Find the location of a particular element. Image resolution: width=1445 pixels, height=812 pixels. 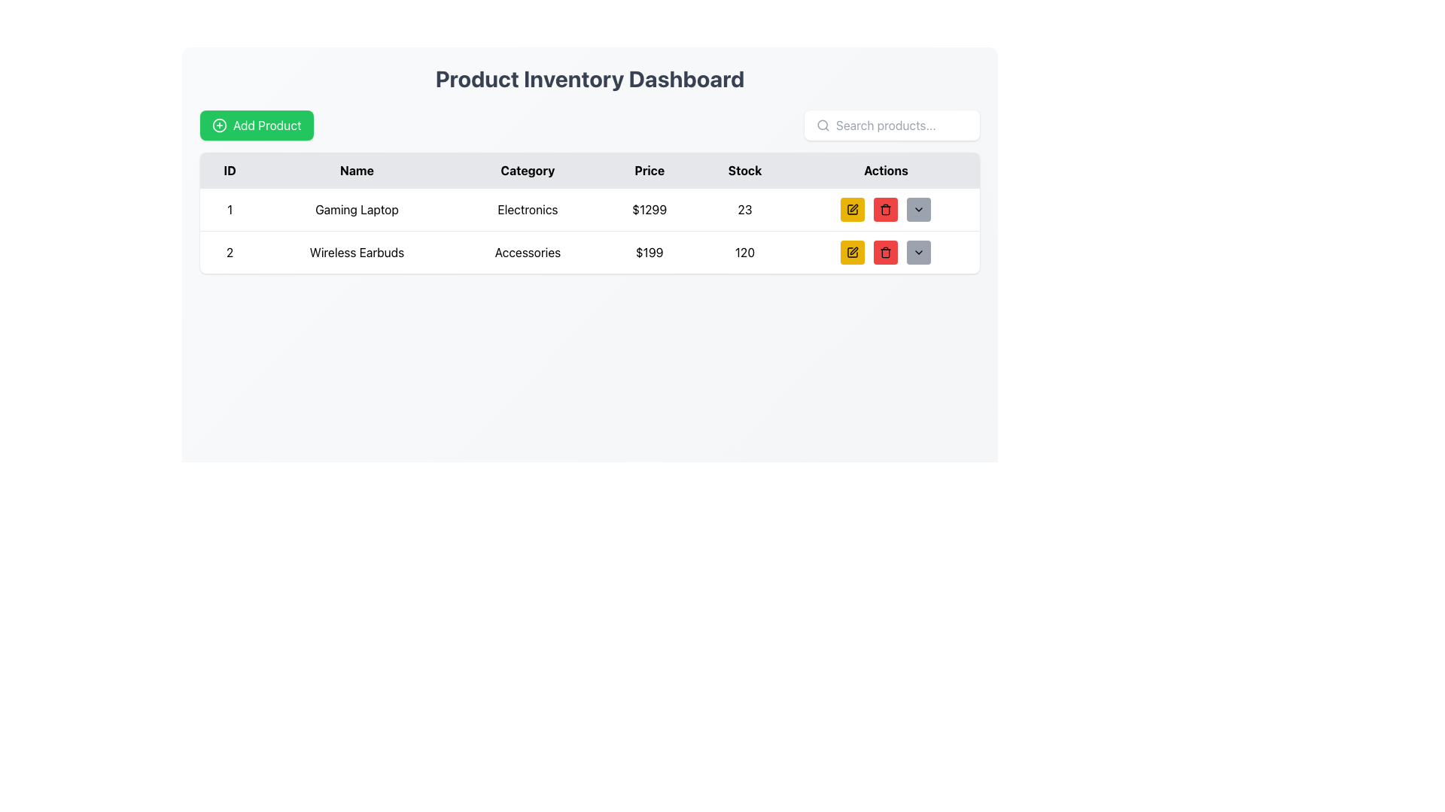

the 'Category' text element in the table row corresponding to 'Wireless Earbuds' to provide context about the product classification is located at coordinates (528, 251).